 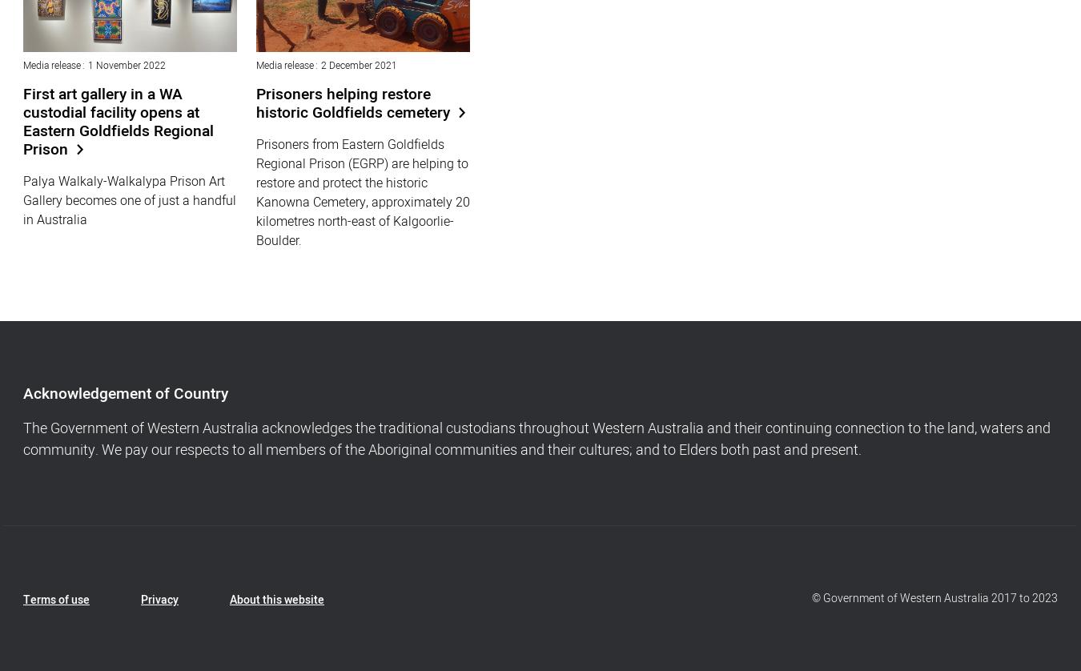 What do you see at coordinates (934, 597) in the screenshot?
I see `'© Government of Western Australia 2017 to 2023'` at bounding box center [934, 597].